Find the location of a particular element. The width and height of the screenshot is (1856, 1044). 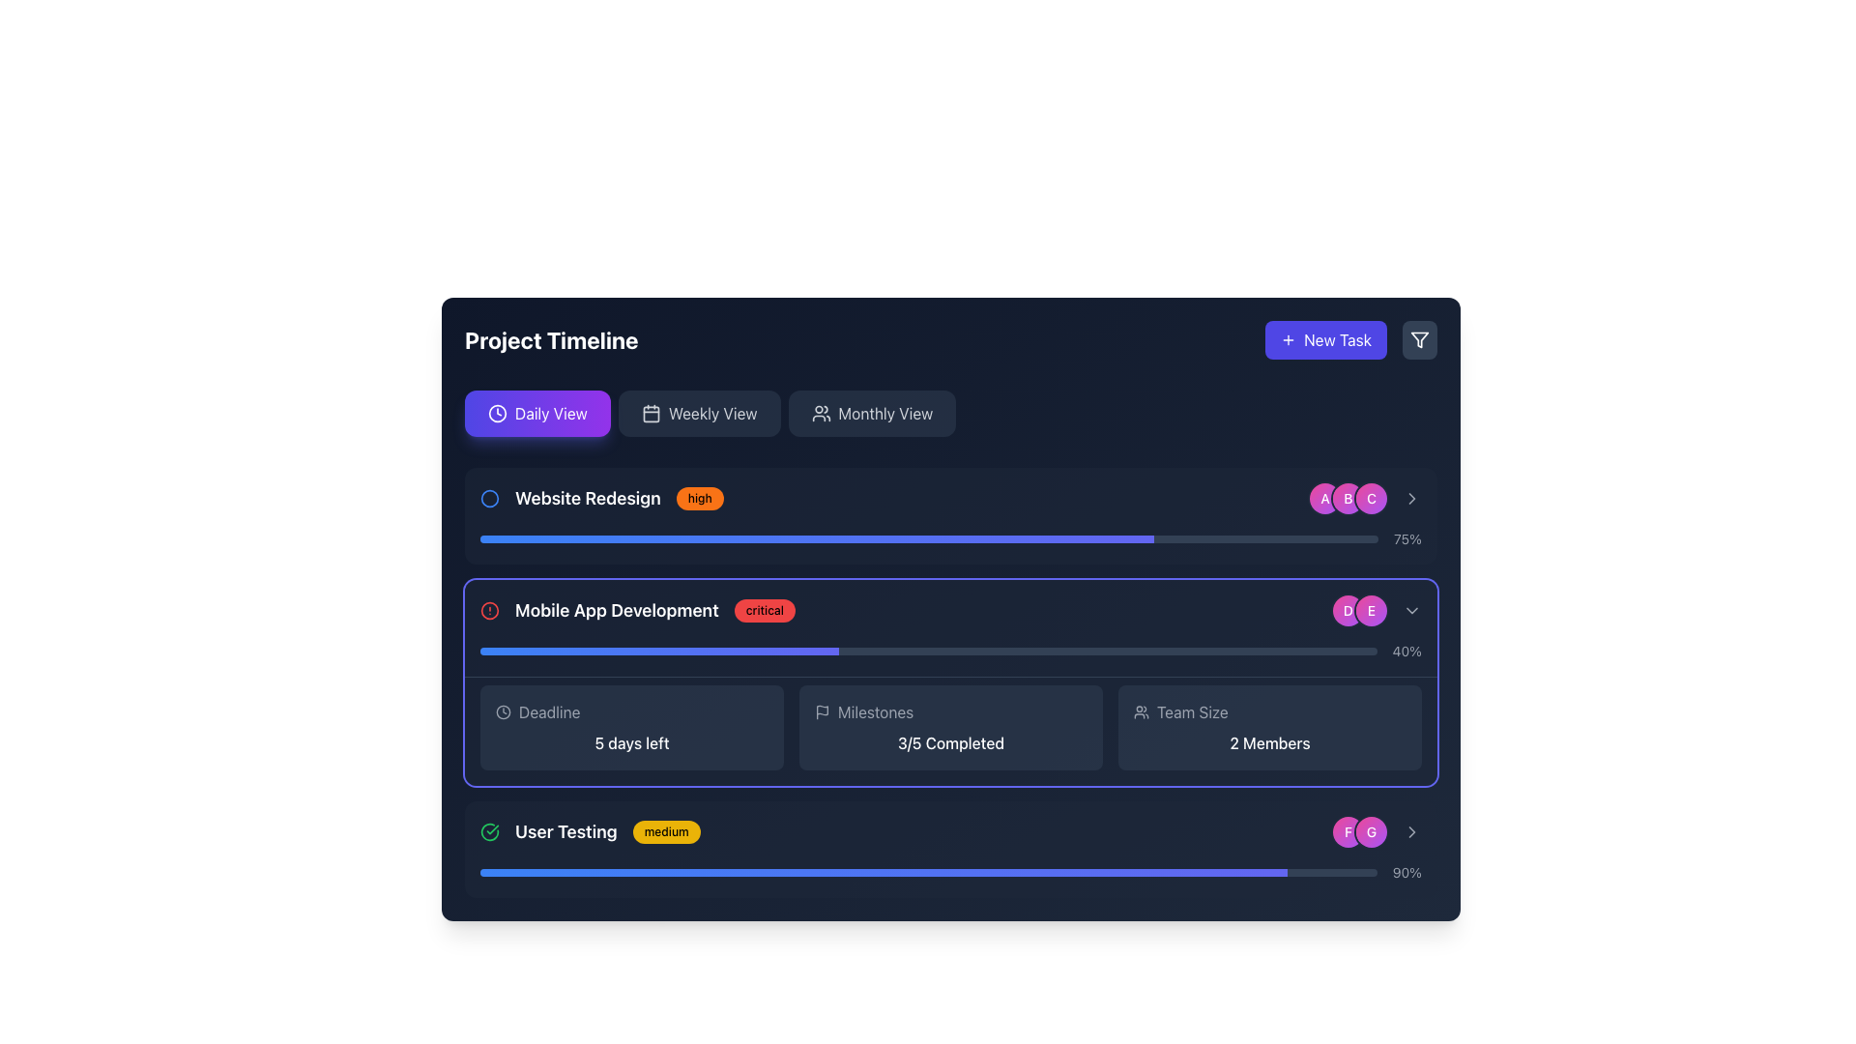

the first circular badge is located at coordinates (1324, 498).